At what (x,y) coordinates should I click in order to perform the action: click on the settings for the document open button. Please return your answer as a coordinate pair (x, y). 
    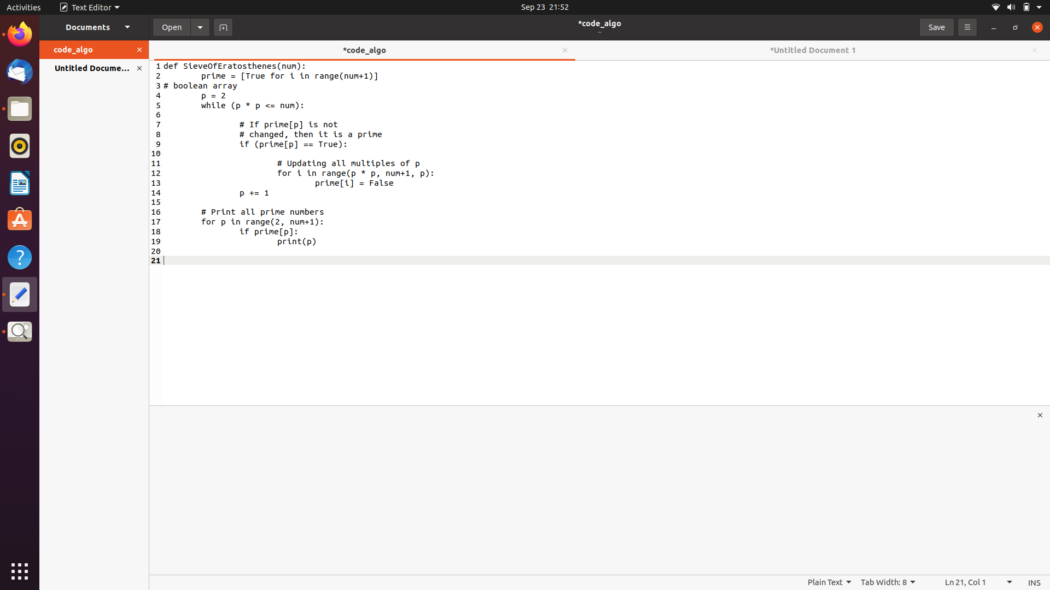
    Looking at the image, I should click on (200, 26).